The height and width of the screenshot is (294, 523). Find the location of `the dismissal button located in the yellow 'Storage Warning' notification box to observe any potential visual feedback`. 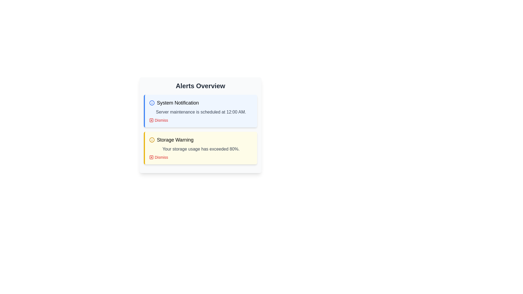

the dismissal button located in the yellow 'Storage Warning' notification box to observe any potential visual feedback is located at coordinates (158, 157).